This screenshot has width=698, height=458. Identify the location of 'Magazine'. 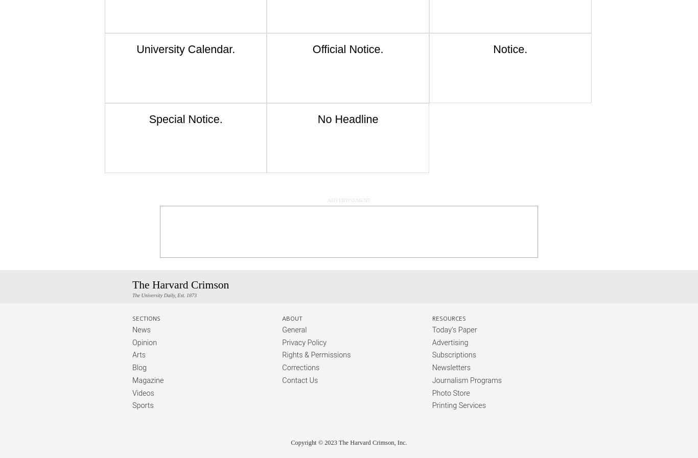
(148, 380).